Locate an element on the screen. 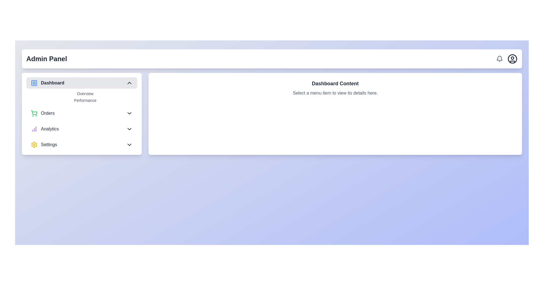  the 'Overview' option in the collapsible 'Dashboard' menu located on the left-hand sidebar of the admin panel interface is located at coordinates (82, 97).